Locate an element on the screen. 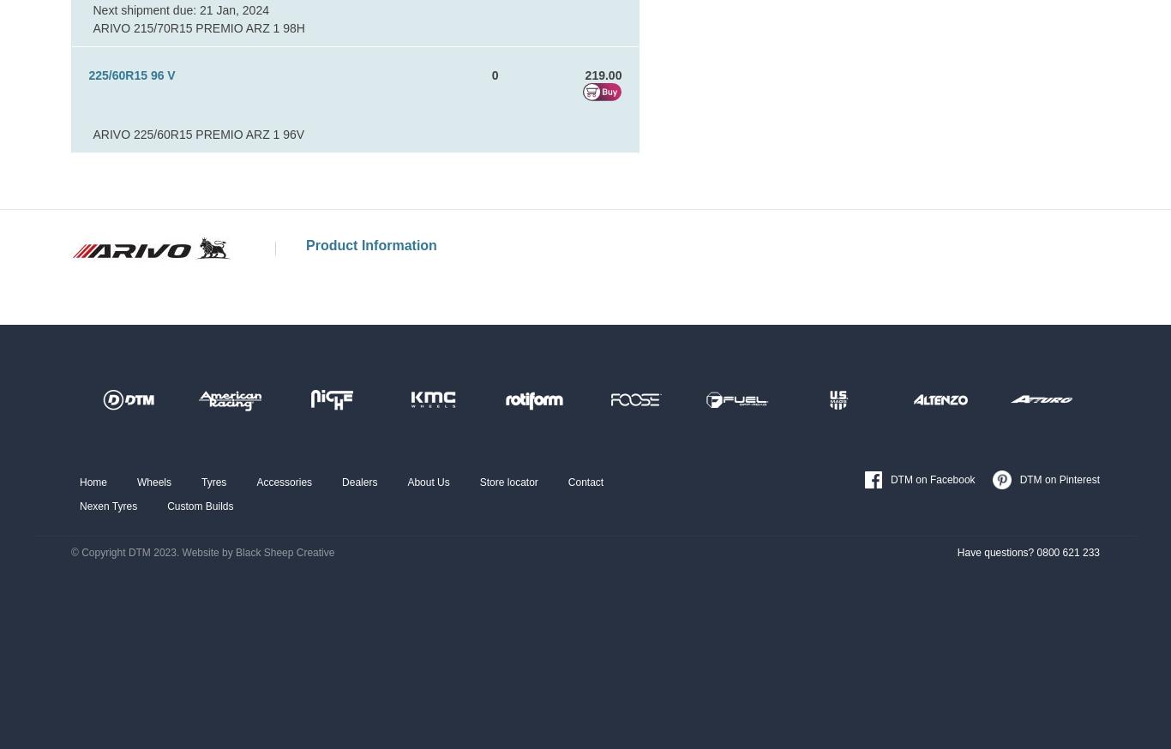  '© Copyright' is located at coordinates (98, 552).